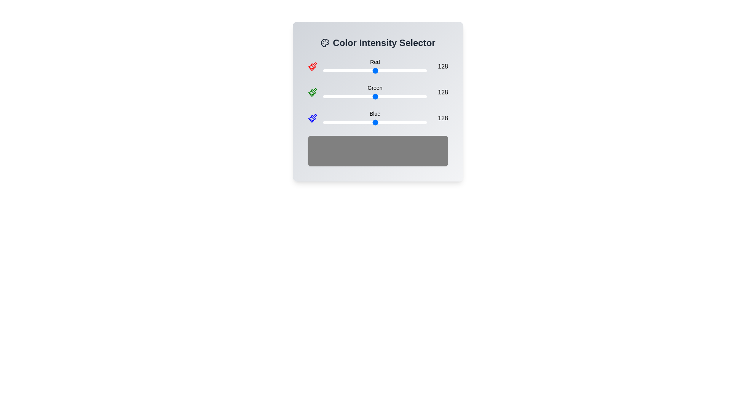 The height and width of the screenshot is (411, 731). I want to click on the blue color intensity, so click(393, 122).